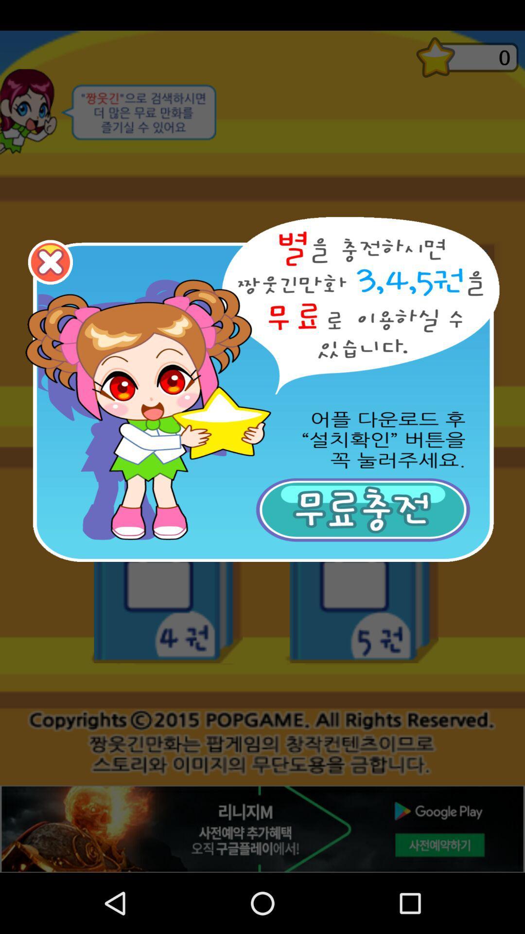 The width and height of the screenshot is (525, 934). What do you see at coordinates (50, 262) in the screenshot?
I see `popup window` at bounding box center [50, 262].